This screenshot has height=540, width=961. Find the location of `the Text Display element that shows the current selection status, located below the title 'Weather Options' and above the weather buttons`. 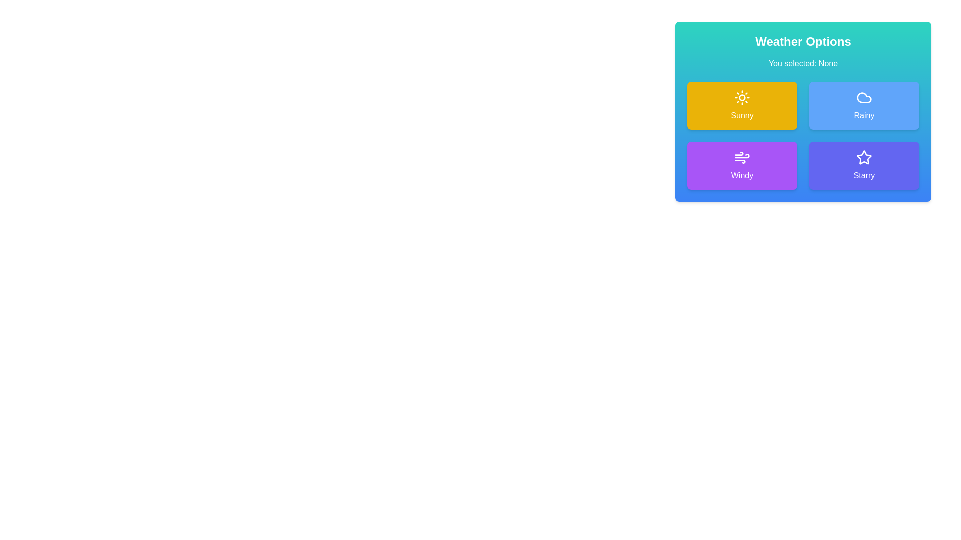

the Text Display element that shows the current selection status, located below the title 'Weather Options' and above the weather buttons is located at coordinates (803, 63).